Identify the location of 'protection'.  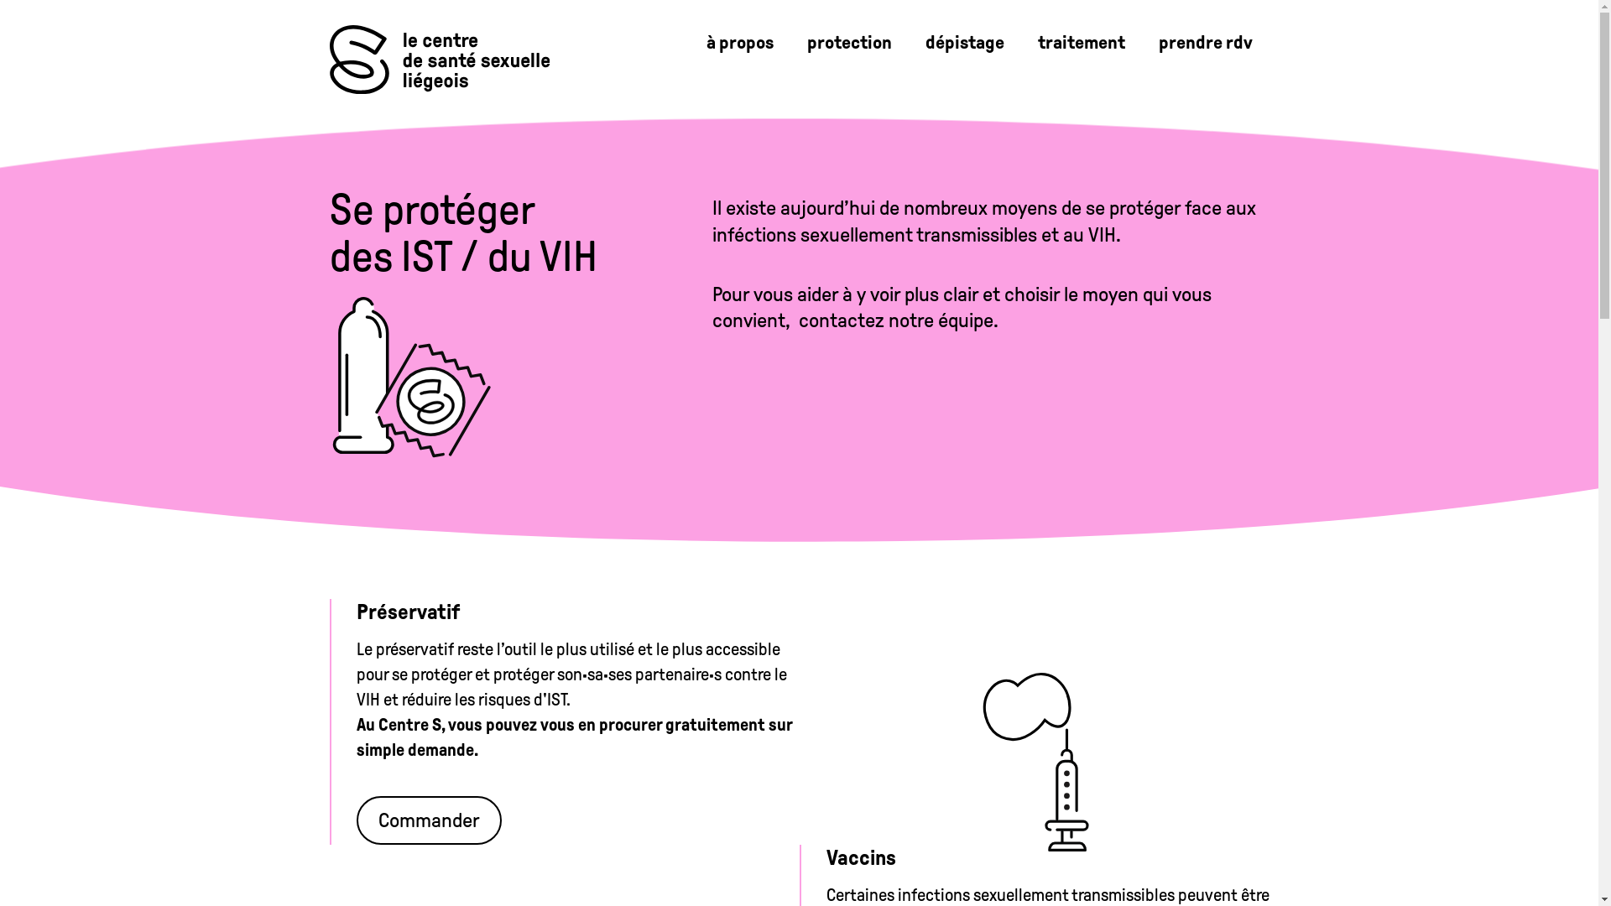
(789, 41).